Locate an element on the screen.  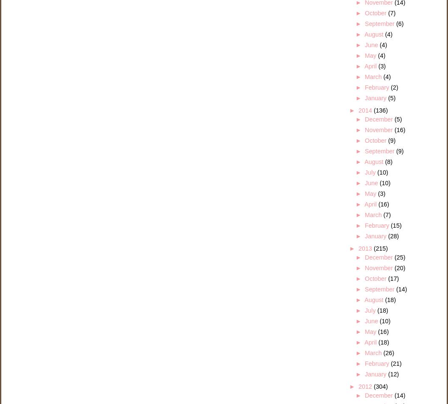
'(6)' is located at coordinates (400, 24).